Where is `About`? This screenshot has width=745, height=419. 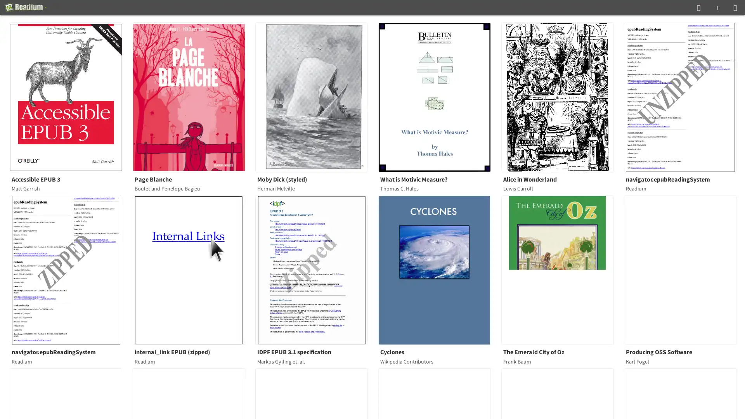
About is located at coordinates (26, 7).